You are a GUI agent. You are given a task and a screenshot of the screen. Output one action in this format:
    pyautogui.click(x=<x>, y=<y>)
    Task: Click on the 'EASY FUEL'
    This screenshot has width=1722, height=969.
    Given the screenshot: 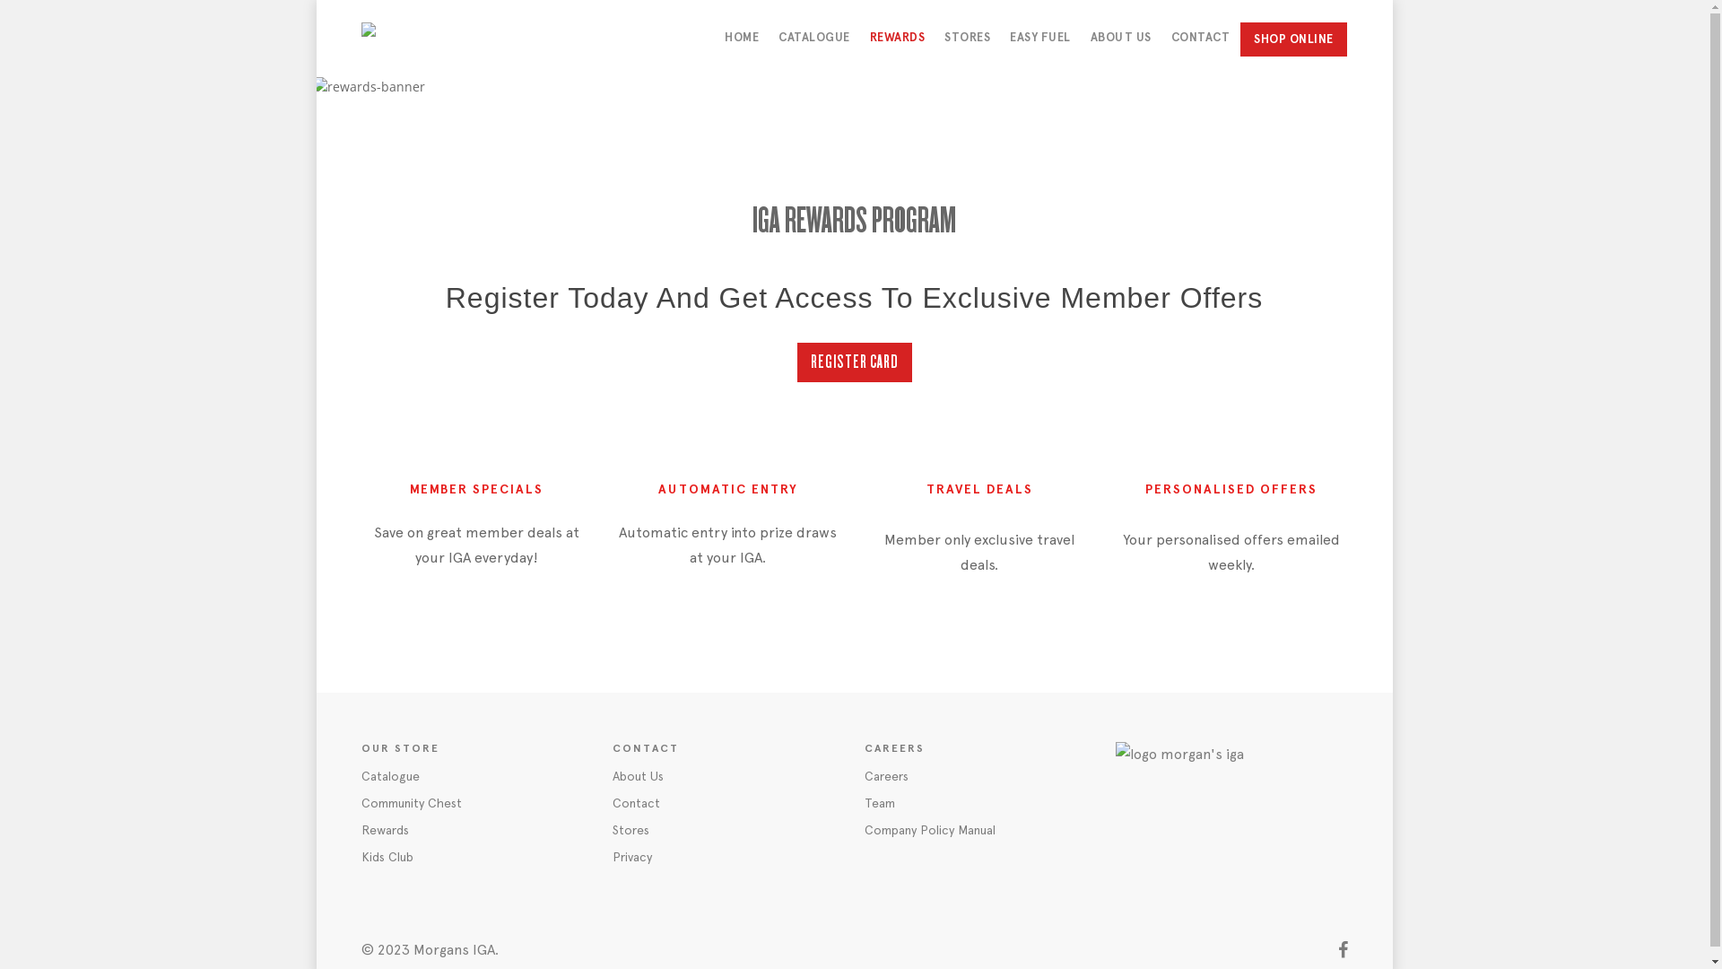 What is the action you would take?
    pyautogui.click(x=1040, y=48)
    